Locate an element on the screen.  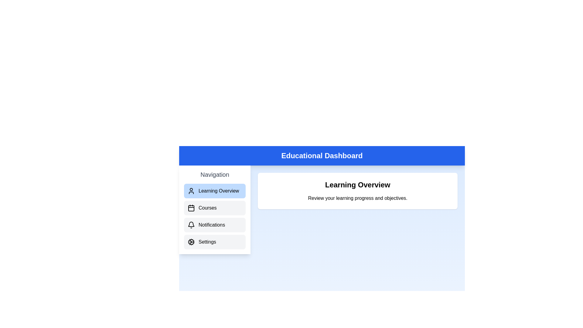
the sidebar option corresponding to Settings to navigate to that section is located at coordinates (215, 242).